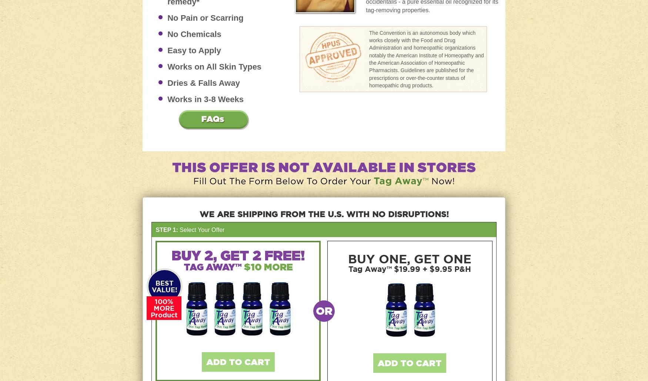 Image resolution: width=648 pixels, height=381 pixels. What do you see at coordinates (348, 269) in the screenshot?
I see `'Tag Away™ $19.99 + $9.95 P&H'` at bounding box center [348, 269].